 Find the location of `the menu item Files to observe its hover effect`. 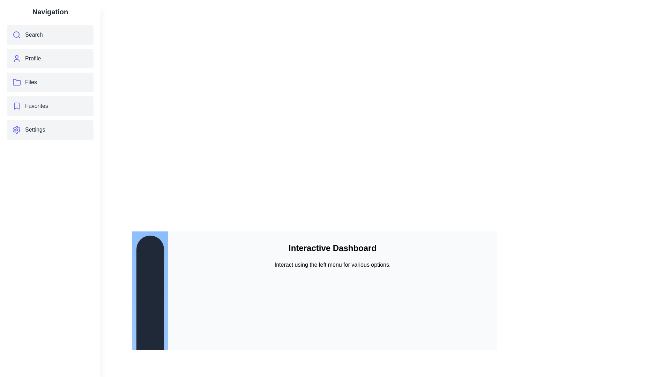

the menu item Files to observe its hover effect is located at coordinates (50, 82).